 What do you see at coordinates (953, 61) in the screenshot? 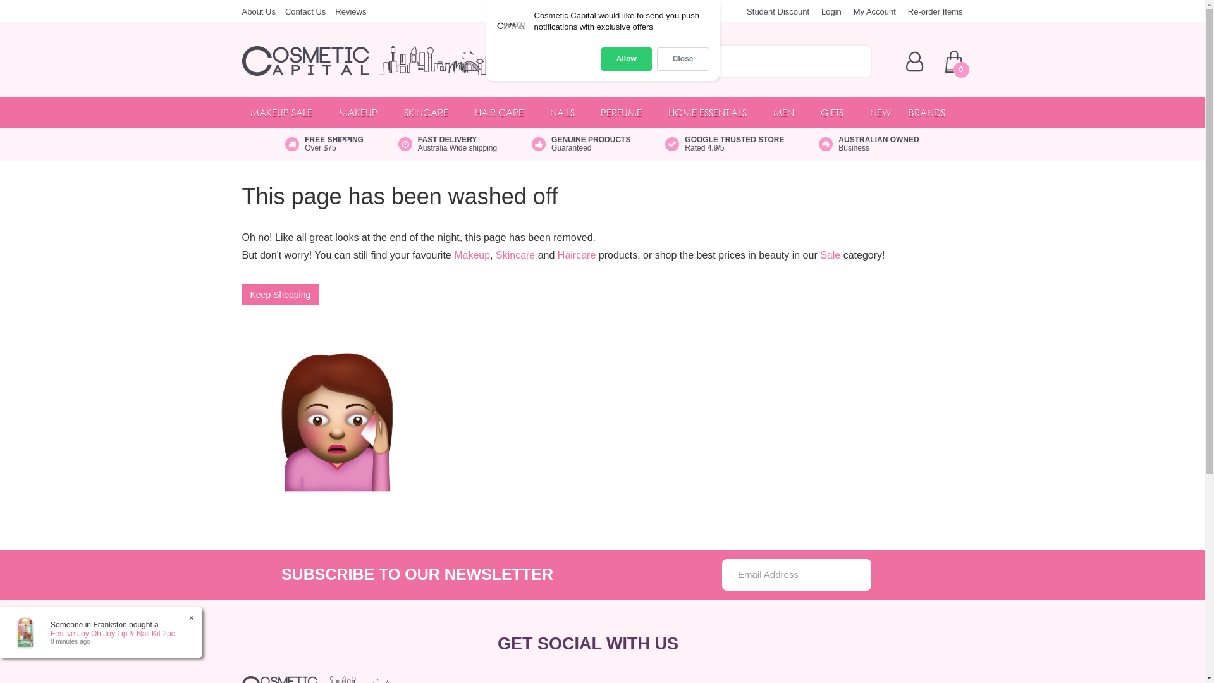
I see `'0'` at bounding box center [953, 61].